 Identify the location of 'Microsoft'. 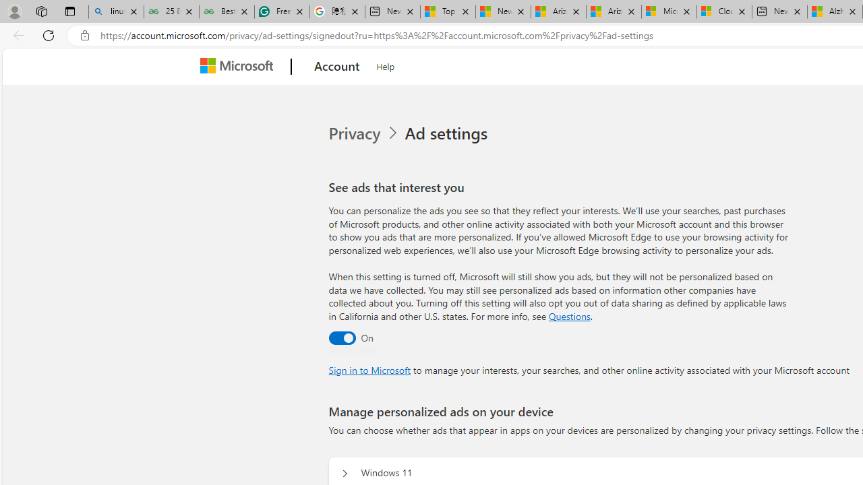
(239, 67).